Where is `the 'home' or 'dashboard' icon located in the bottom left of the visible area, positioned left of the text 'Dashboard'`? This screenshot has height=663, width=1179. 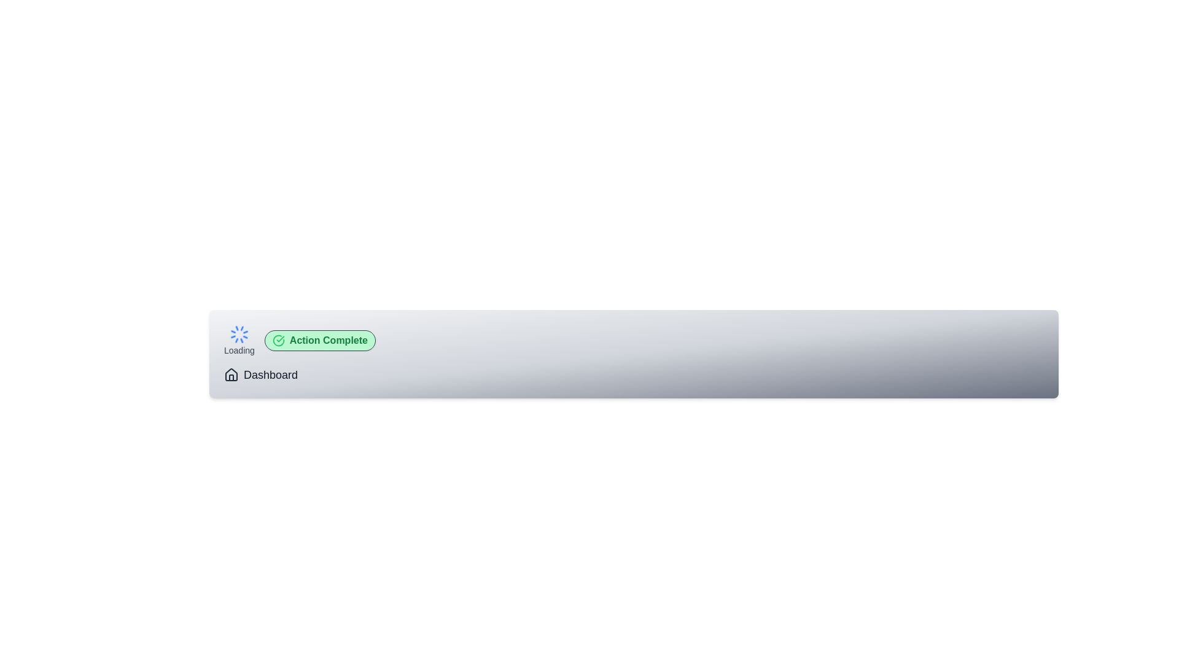
the 'home' or 'dashboard' icon located in the bottom left of the visible area, positioned left of the text 'Dashboard' is located at coordinates (232, 374).